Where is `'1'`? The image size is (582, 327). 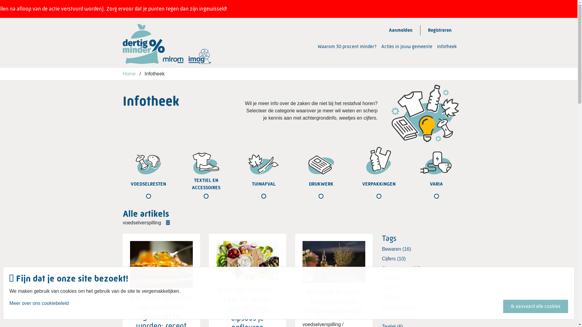
'1' is located at coordinates (121, 190).